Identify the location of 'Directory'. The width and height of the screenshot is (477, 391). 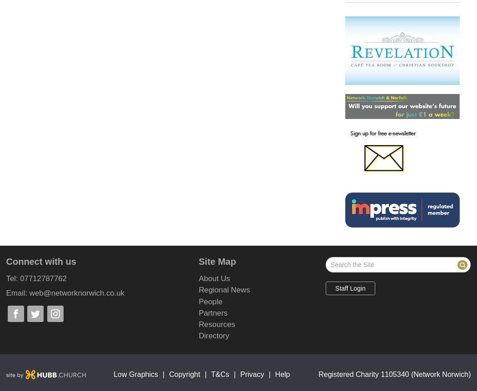
(214, 336).